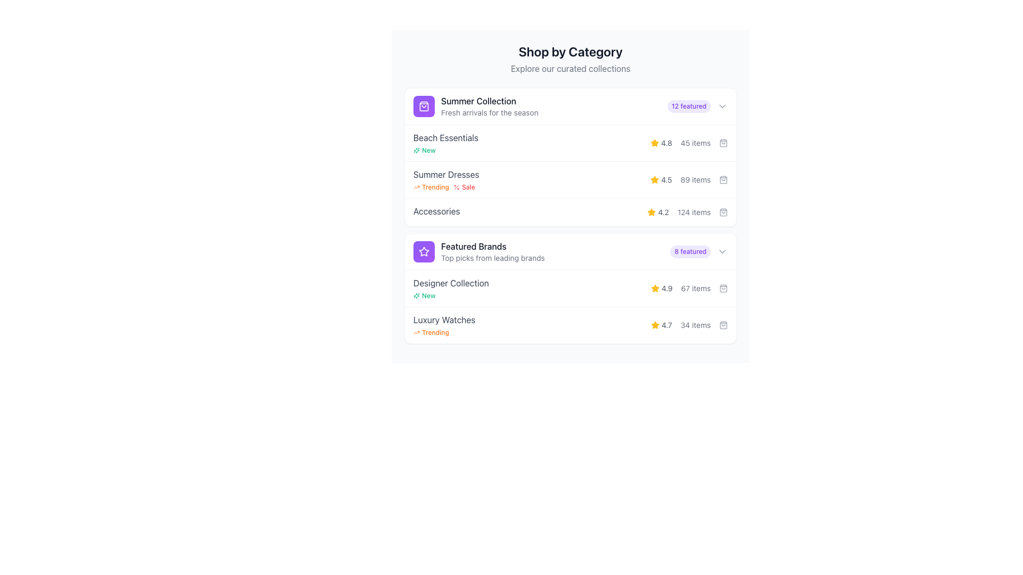 This screenshot has height=575, width=1023. What do you see at coordinates (424, 150) in the screenshot?
I see `the 'New' label, which is styled in bold, emerald green color, located below the 'Beach Essentials' text in the 'Shop by Category' list` at bounding box center [424, 150].